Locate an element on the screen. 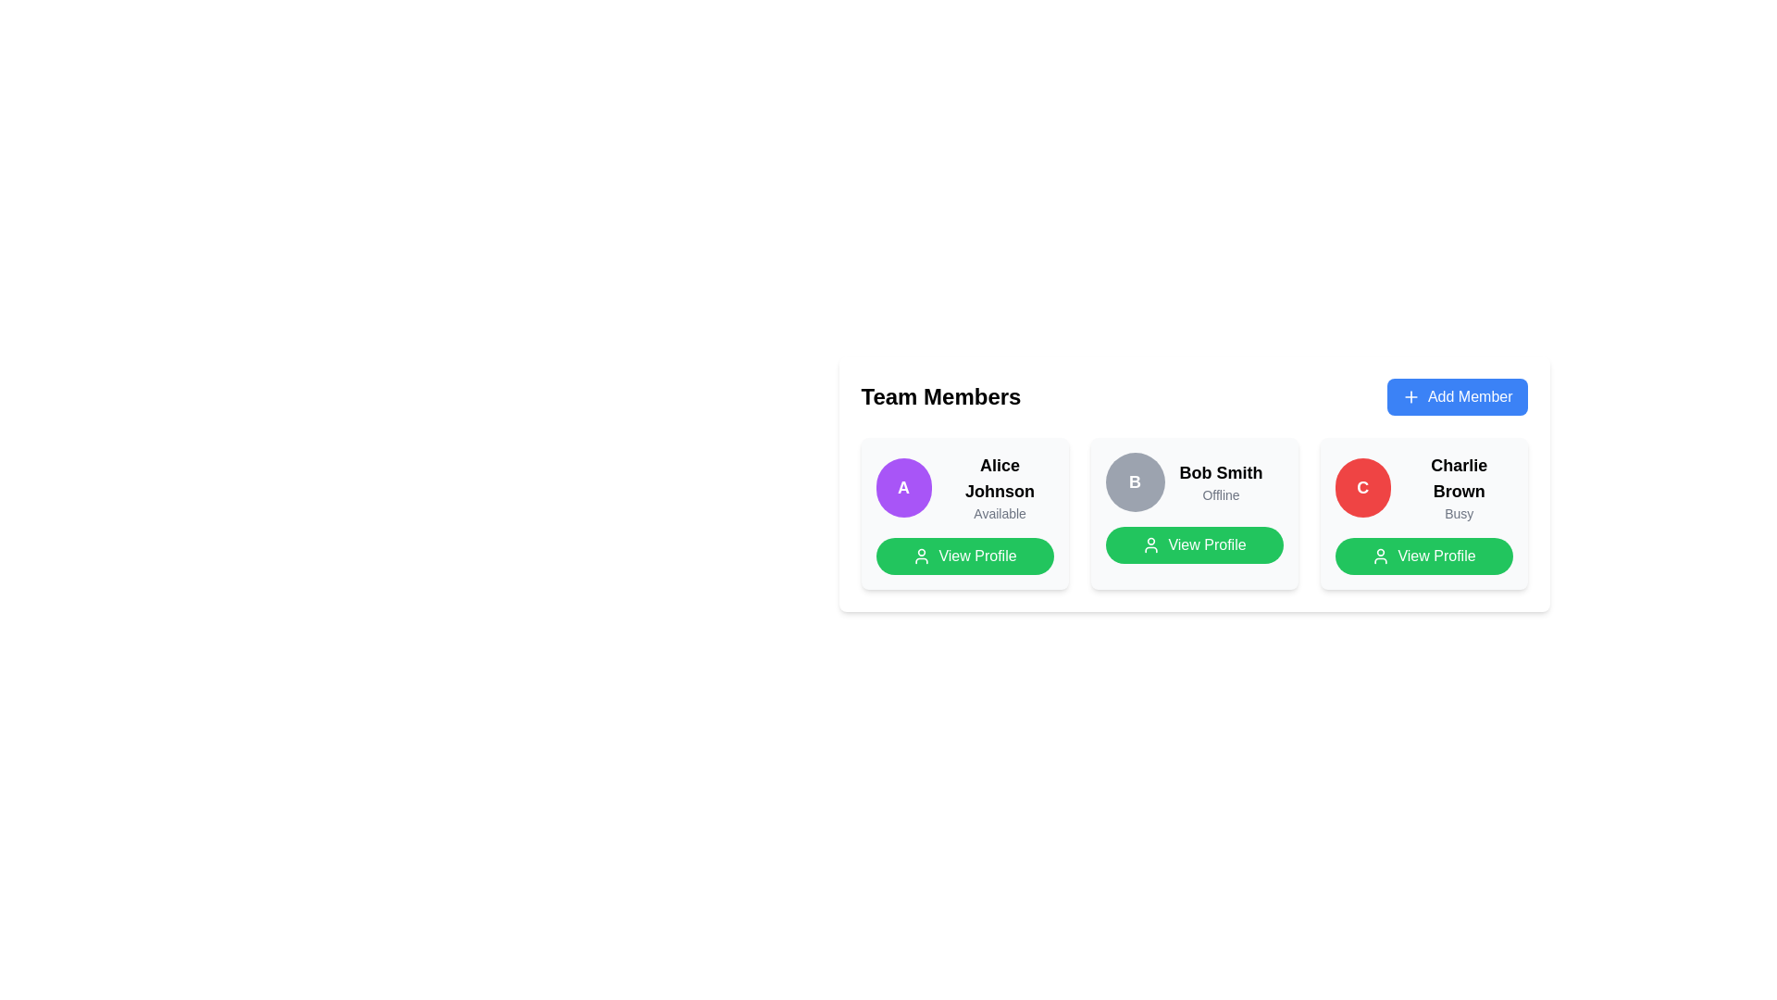 This screenshot has width=1777, height=1000. the plus sign icon located inside the 'Add Member' button, which has a blue background and white text, positioned at the top-right corner of the interface is located at coordinates (1410, 395).